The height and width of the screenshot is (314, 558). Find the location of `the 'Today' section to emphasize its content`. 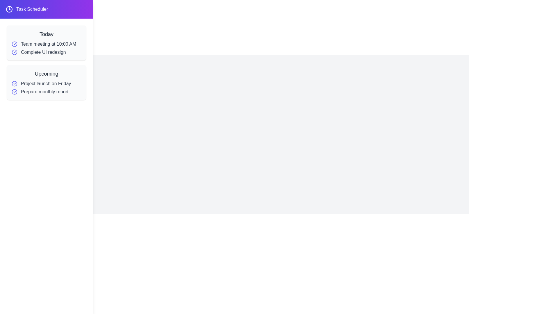

the 'Today' section to emphasize its content is located at coordinates (46, 34).